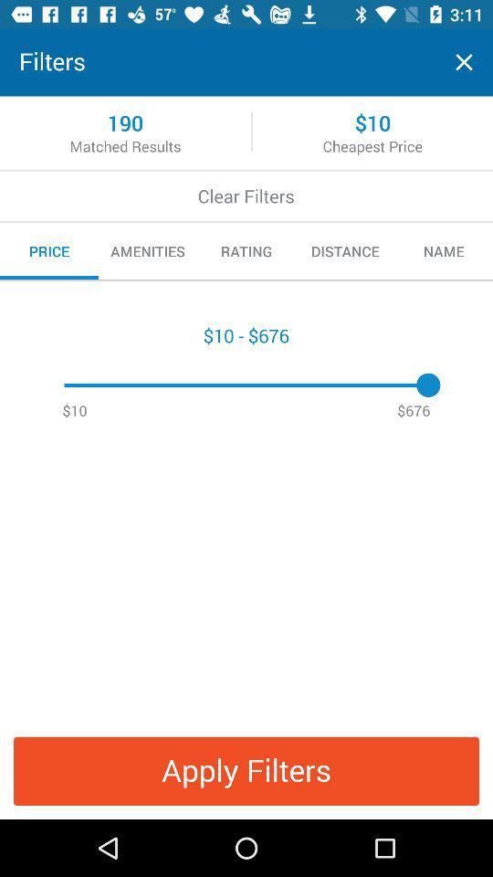 This screenshot has height=877, width=493. I want to click on the page, so click(464, 62).